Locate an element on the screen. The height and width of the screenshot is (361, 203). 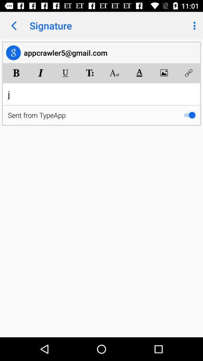
item above j icon is located at coordinates (65, 73).